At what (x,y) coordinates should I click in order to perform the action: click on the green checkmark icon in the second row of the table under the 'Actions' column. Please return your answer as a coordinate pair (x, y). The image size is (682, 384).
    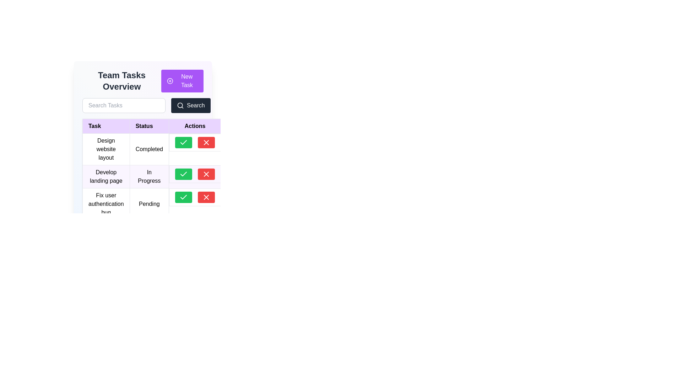
    Looking at the image, I should click on (184, 174).